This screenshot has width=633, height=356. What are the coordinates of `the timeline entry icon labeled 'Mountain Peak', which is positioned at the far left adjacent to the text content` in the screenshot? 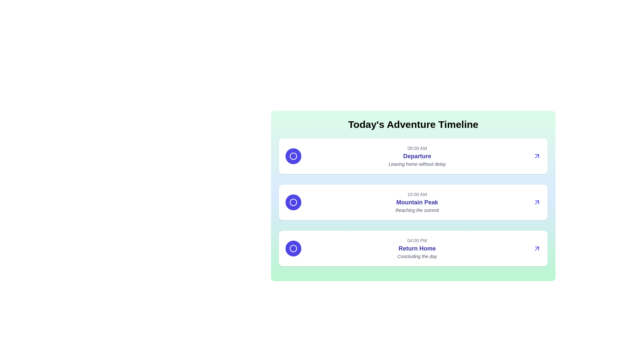 It's located at (293, 202).